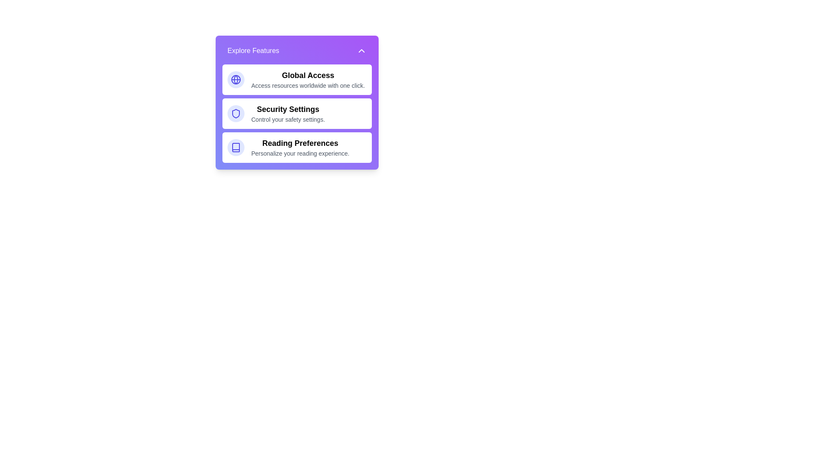  What do you see at coordinates (236, 147) in the screenshot?
I see `the small graphical icon resembling a book, which is located to the left of the 'Reading Preferences' text in the third item of the vertical list within the 'Explore Features' card` at bounding box center [236, 147].